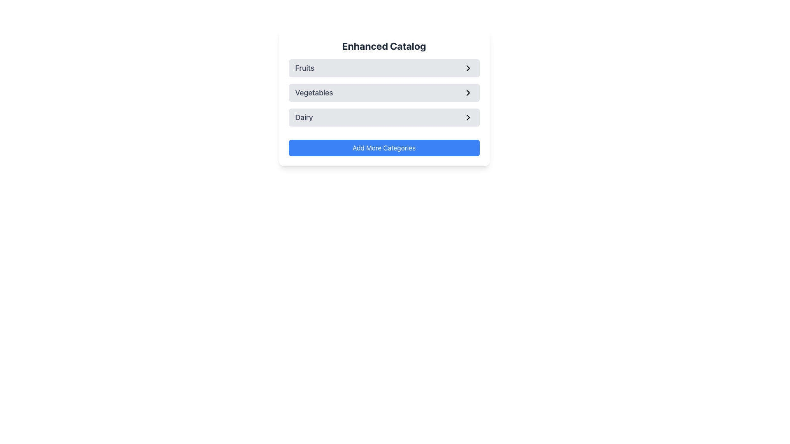 The width and height of the screenshot is (790, 444). I want to click on the right-facing chevron icon button located at the extreme right-hand side of the 'Fruits' list item, so click(468, 67).